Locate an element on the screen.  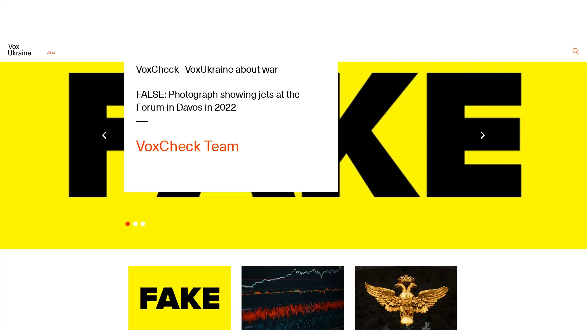
Carousel Page 1 (Current Slide) is located at coordinates (127, 246).